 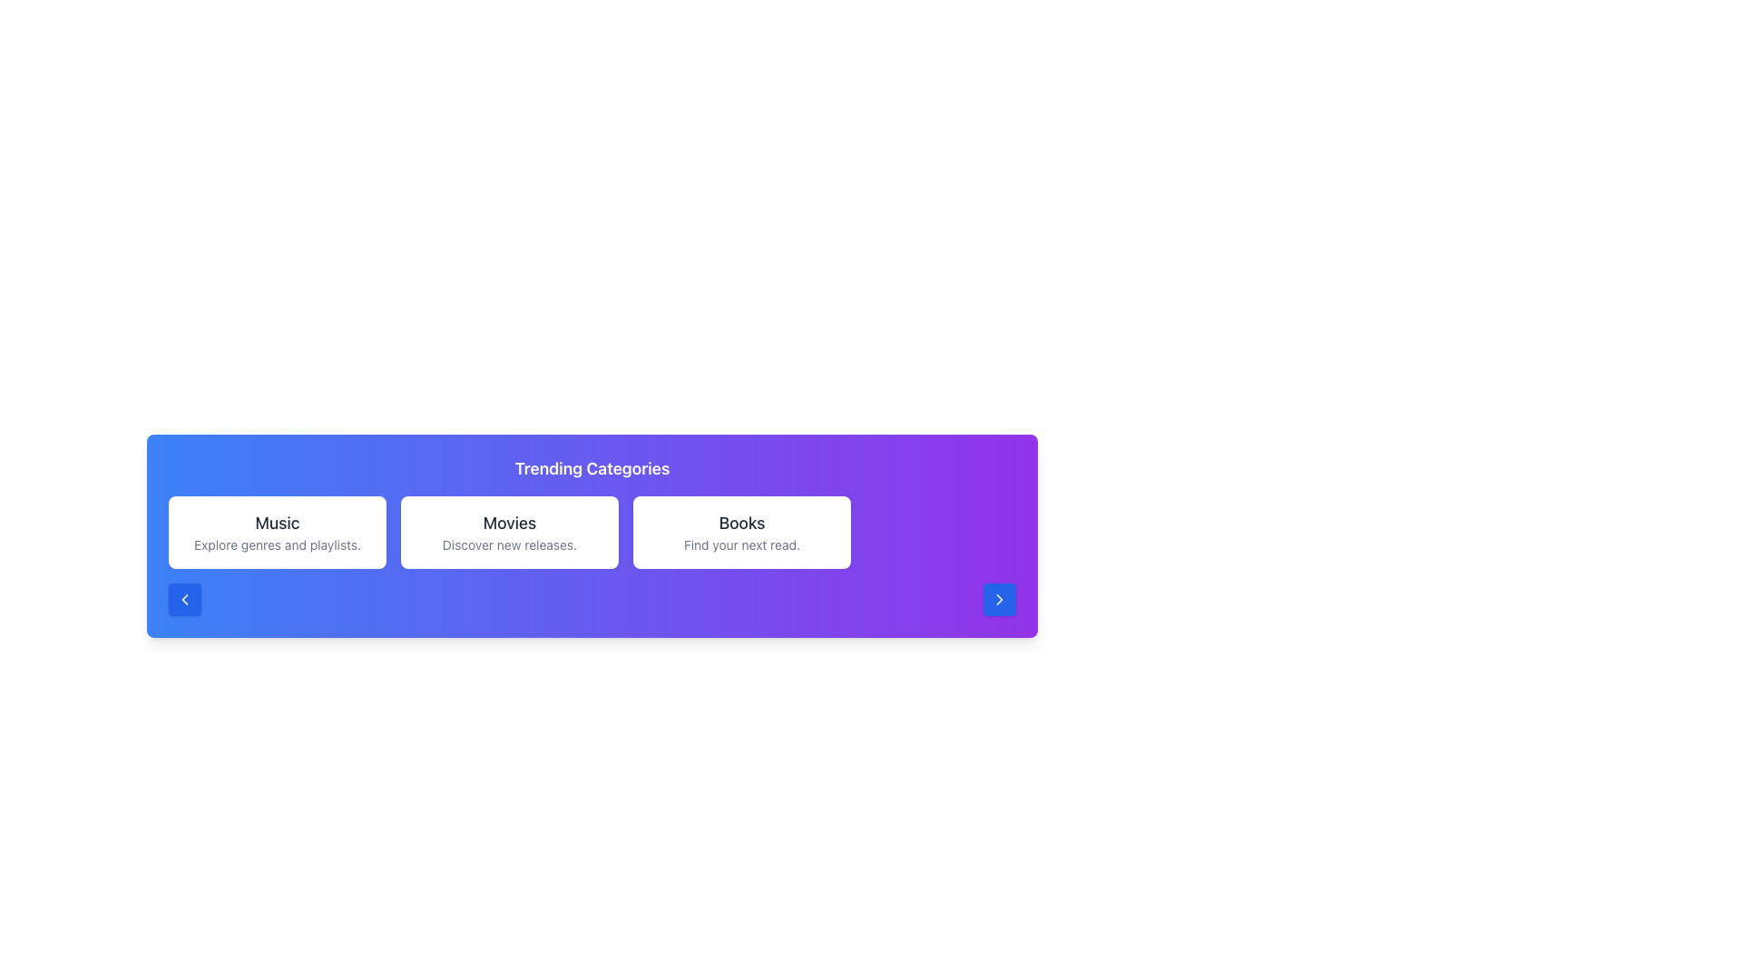 I want to click on the 'Back' button located at the bottom-left corner of the gradient box, so click(x=184, y=599).